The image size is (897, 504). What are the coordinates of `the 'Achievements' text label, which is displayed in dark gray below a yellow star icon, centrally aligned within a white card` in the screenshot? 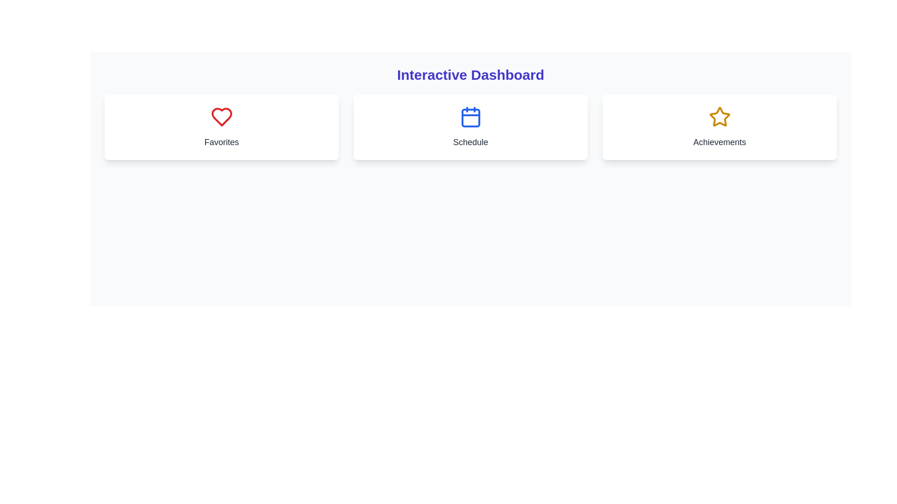 It's located at (719, 142).